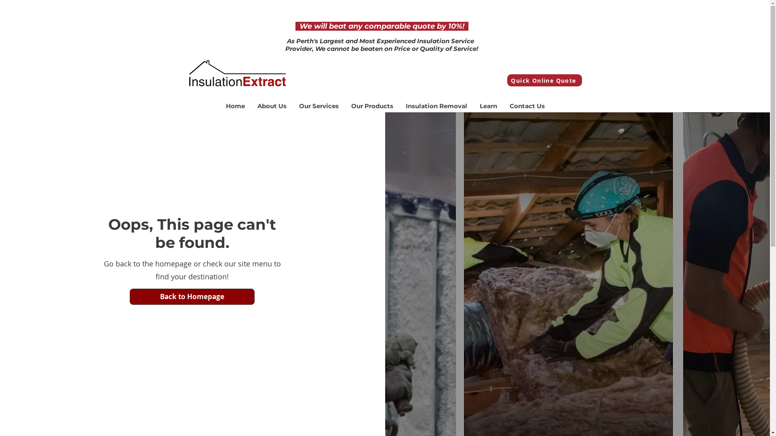  Describe the element at coordinates (371, 105) in the screenshot. I see `'Our Products'` at that location.